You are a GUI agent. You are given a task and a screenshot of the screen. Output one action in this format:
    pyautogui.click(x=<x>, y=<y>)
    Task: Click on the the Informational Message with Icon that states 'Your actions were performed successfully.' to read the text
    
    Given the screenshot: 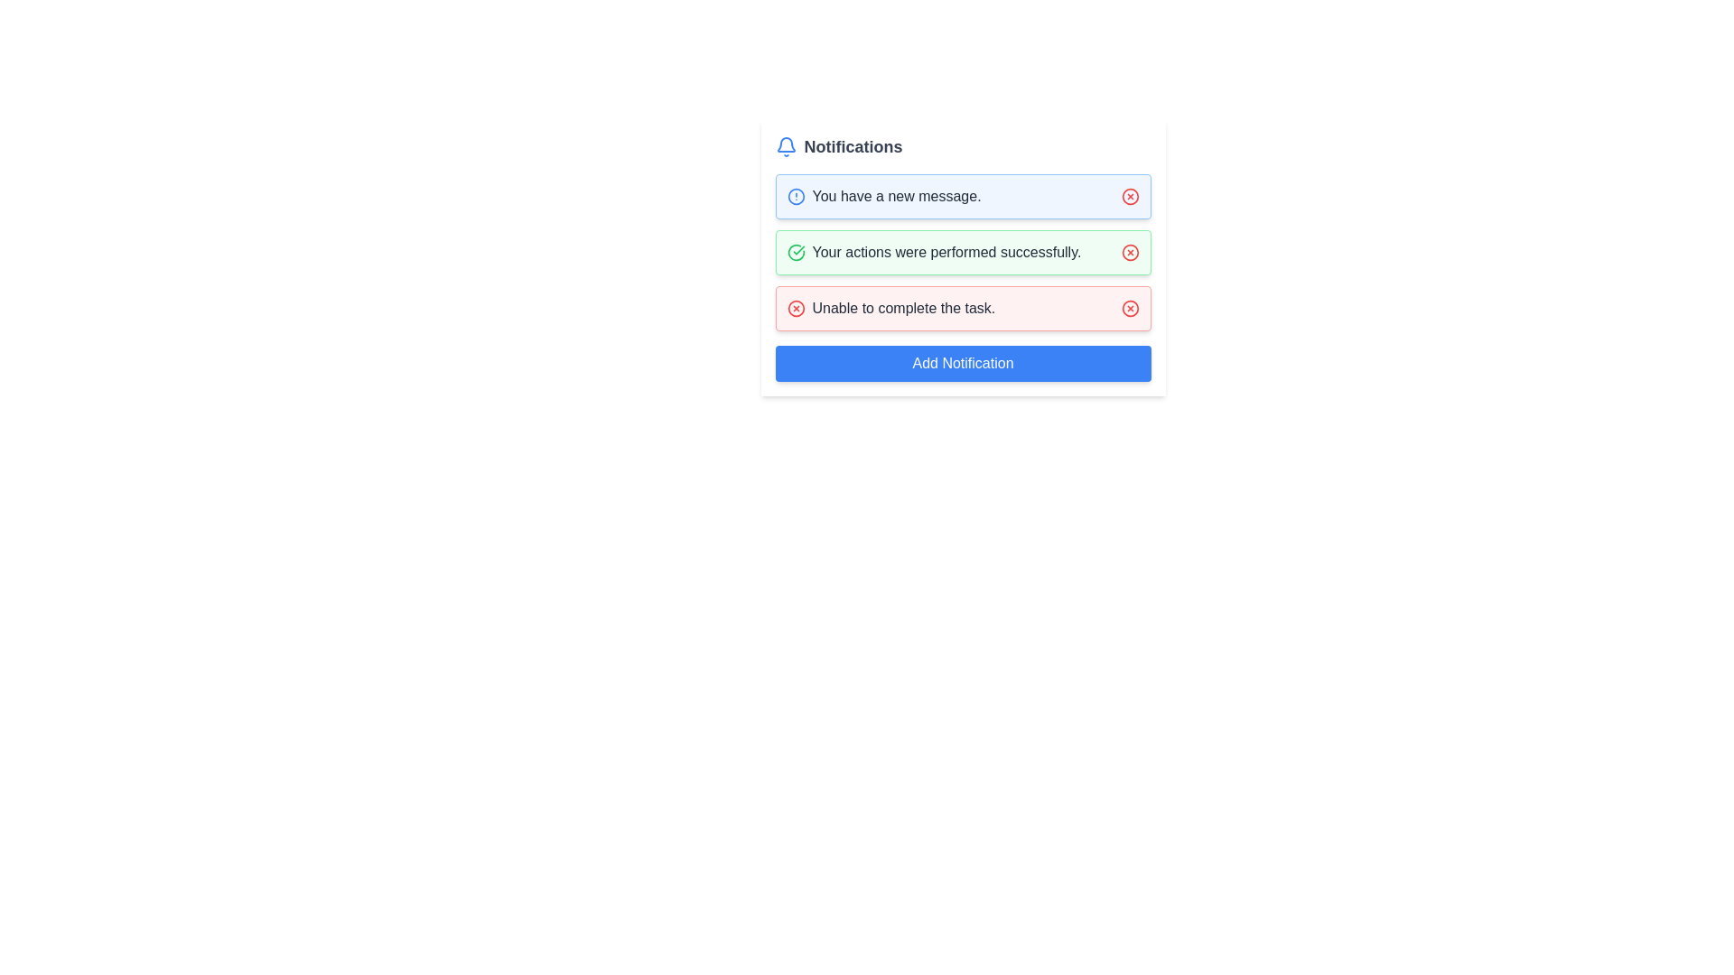 What is the action you would take?
    pyautogui.click(x=934, y=253)
    